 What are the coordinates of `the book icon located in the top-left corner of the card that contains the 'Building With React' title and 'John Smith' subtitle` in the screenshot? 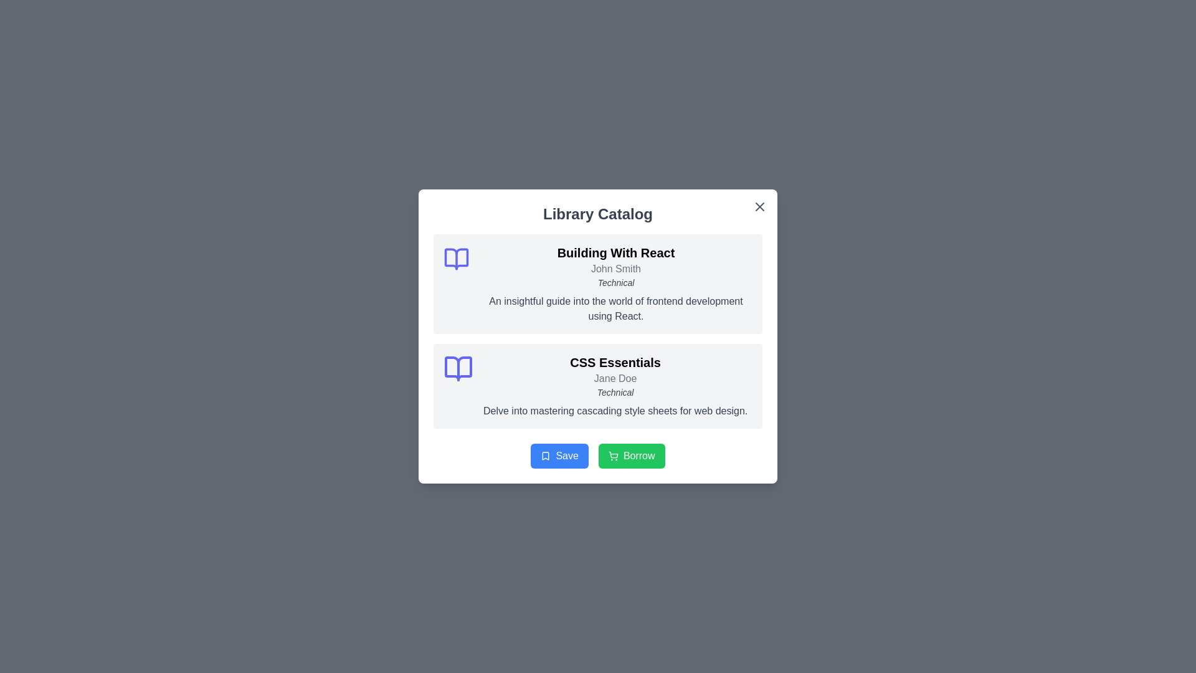 It's located at (456, 259).